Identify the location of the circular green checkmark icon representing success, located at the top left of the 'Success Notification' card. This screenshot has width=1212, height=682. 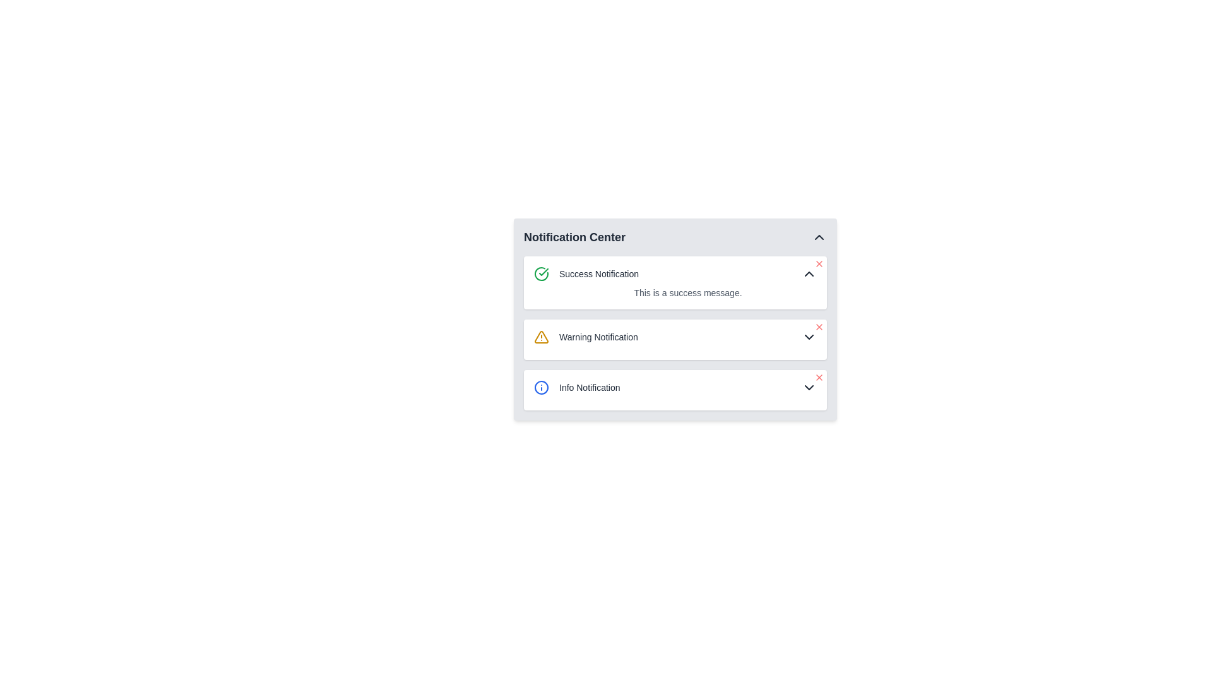
(542, 273).